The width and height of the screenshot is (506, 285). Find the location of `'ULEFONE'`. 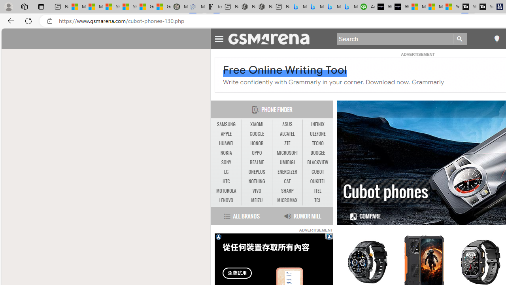

'ULEFONE' is located at coordinates (317, 133).